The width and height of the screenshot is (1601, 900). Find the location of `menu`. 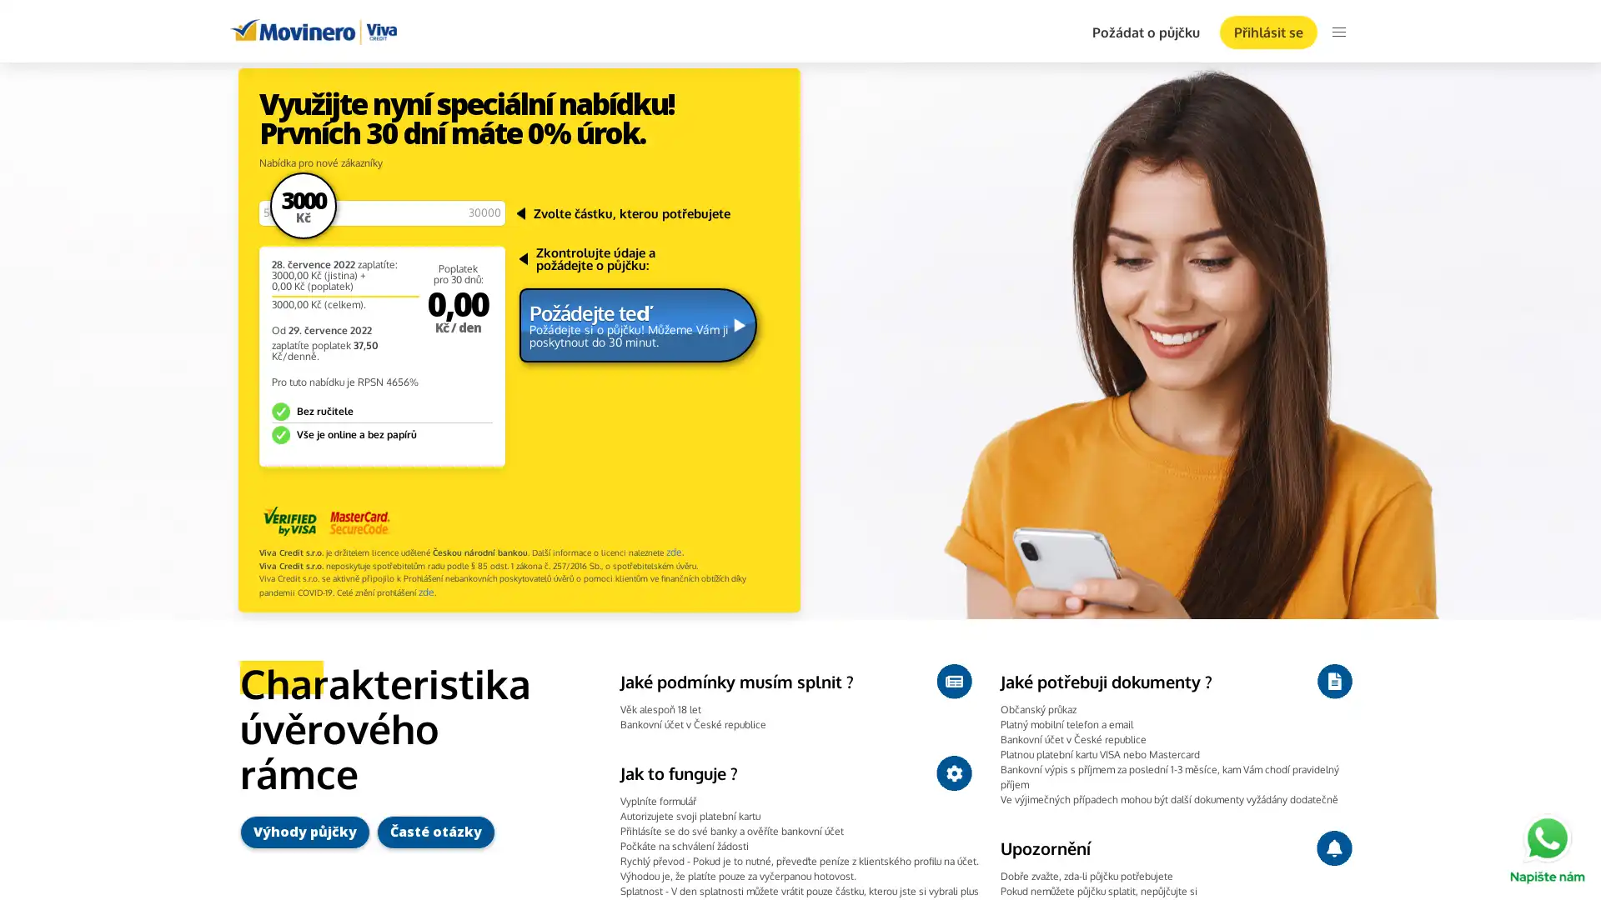

menu is located at coordinates (1339, 32).